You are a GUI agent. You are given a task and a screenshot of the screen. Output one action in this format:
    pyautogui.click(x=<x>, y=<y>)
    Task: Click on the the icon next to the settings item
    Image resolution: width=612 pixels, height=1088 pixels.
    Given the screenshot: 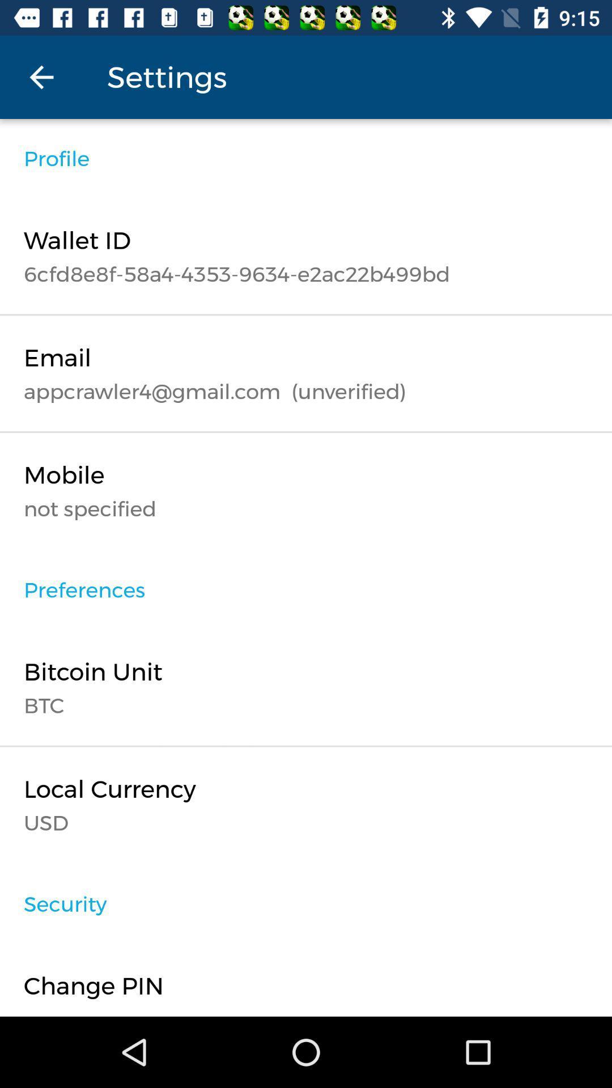 What is the action you would take?
    pyautogui.click(x=41, y=76)
    